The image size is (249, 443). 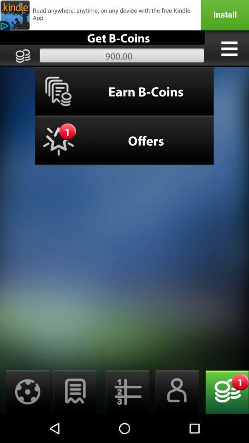 What do you see at coordinates (229, 48) in the screenshot?
I see `open section` at bounding box center [229, 48].